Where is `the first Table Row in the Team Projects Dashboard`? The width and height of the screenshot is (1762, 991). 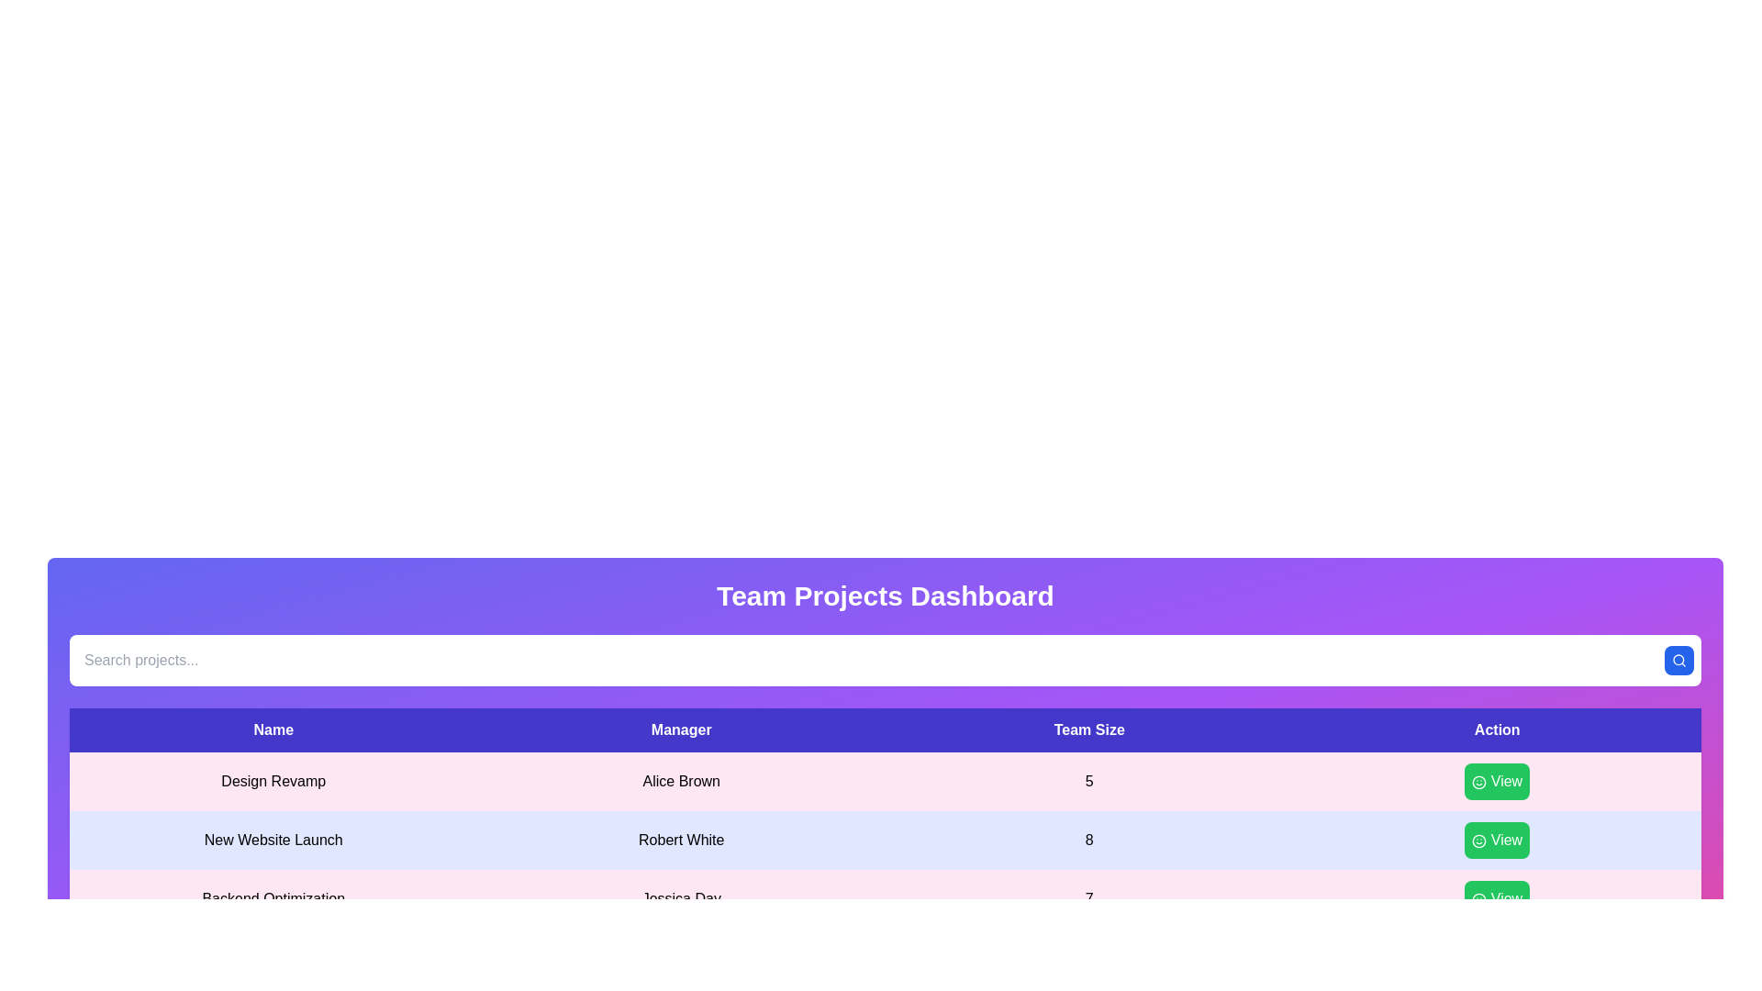
the first Table Row in the Team Projects Dashboard is located at coordinates (885, 782).